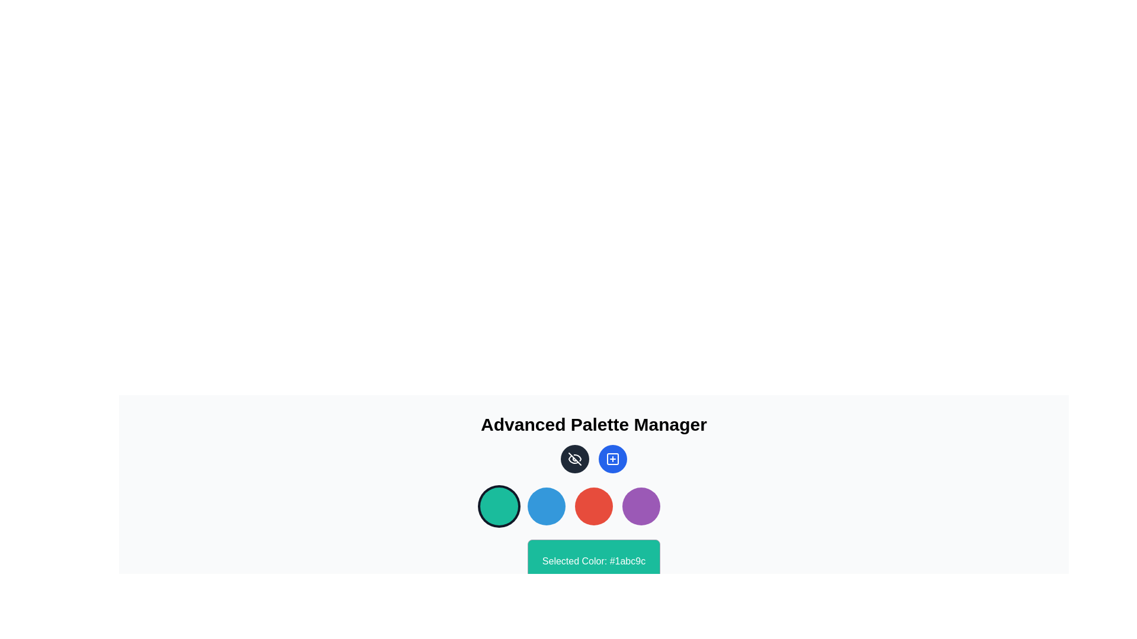  I want to click on the second button, so click(545, 506).